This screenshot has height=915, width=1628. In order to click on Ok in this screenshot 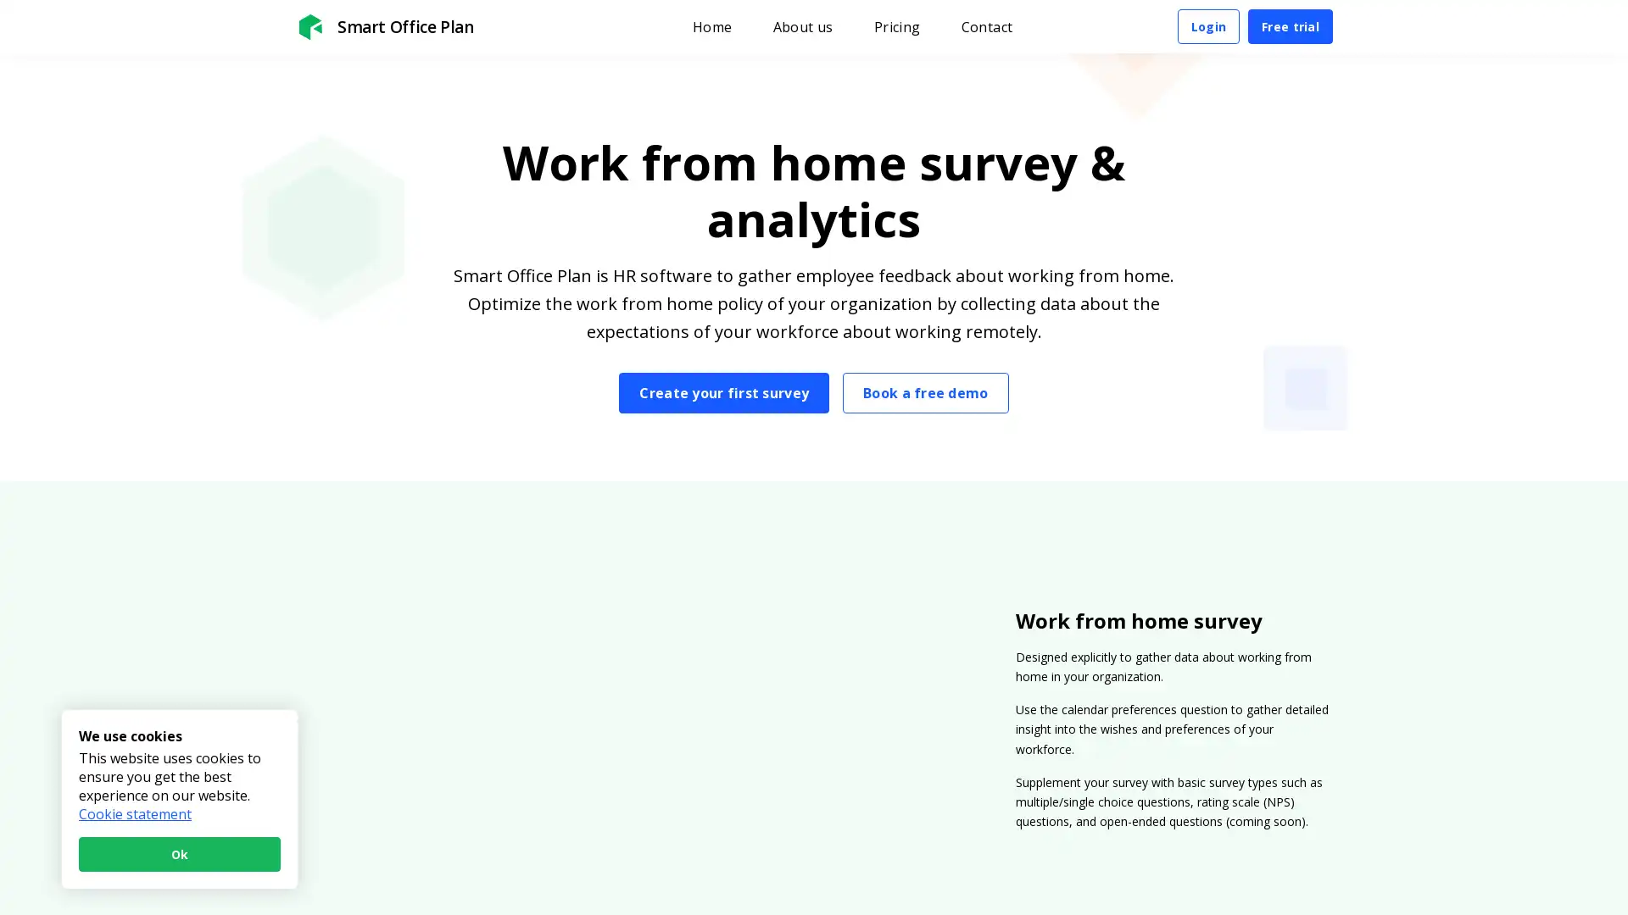, I will do `click(179, 854)`.